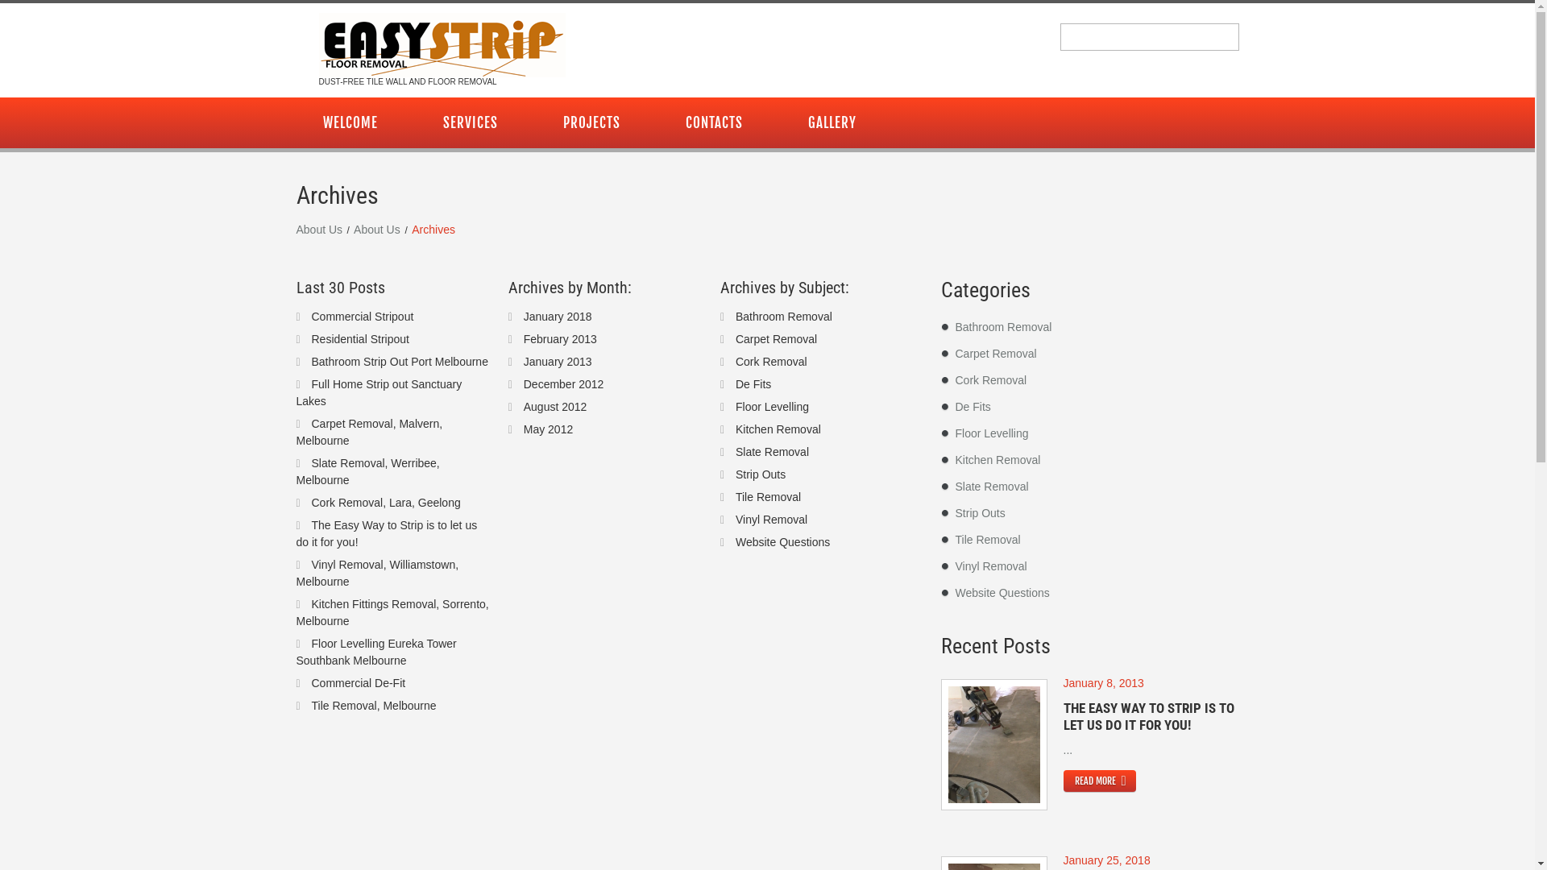 Image resolution: width=1547 pixels, height=870 pixels. Describe the element at coordinates (320, 229) in the screenshot. I see `'About Us'` at that location.